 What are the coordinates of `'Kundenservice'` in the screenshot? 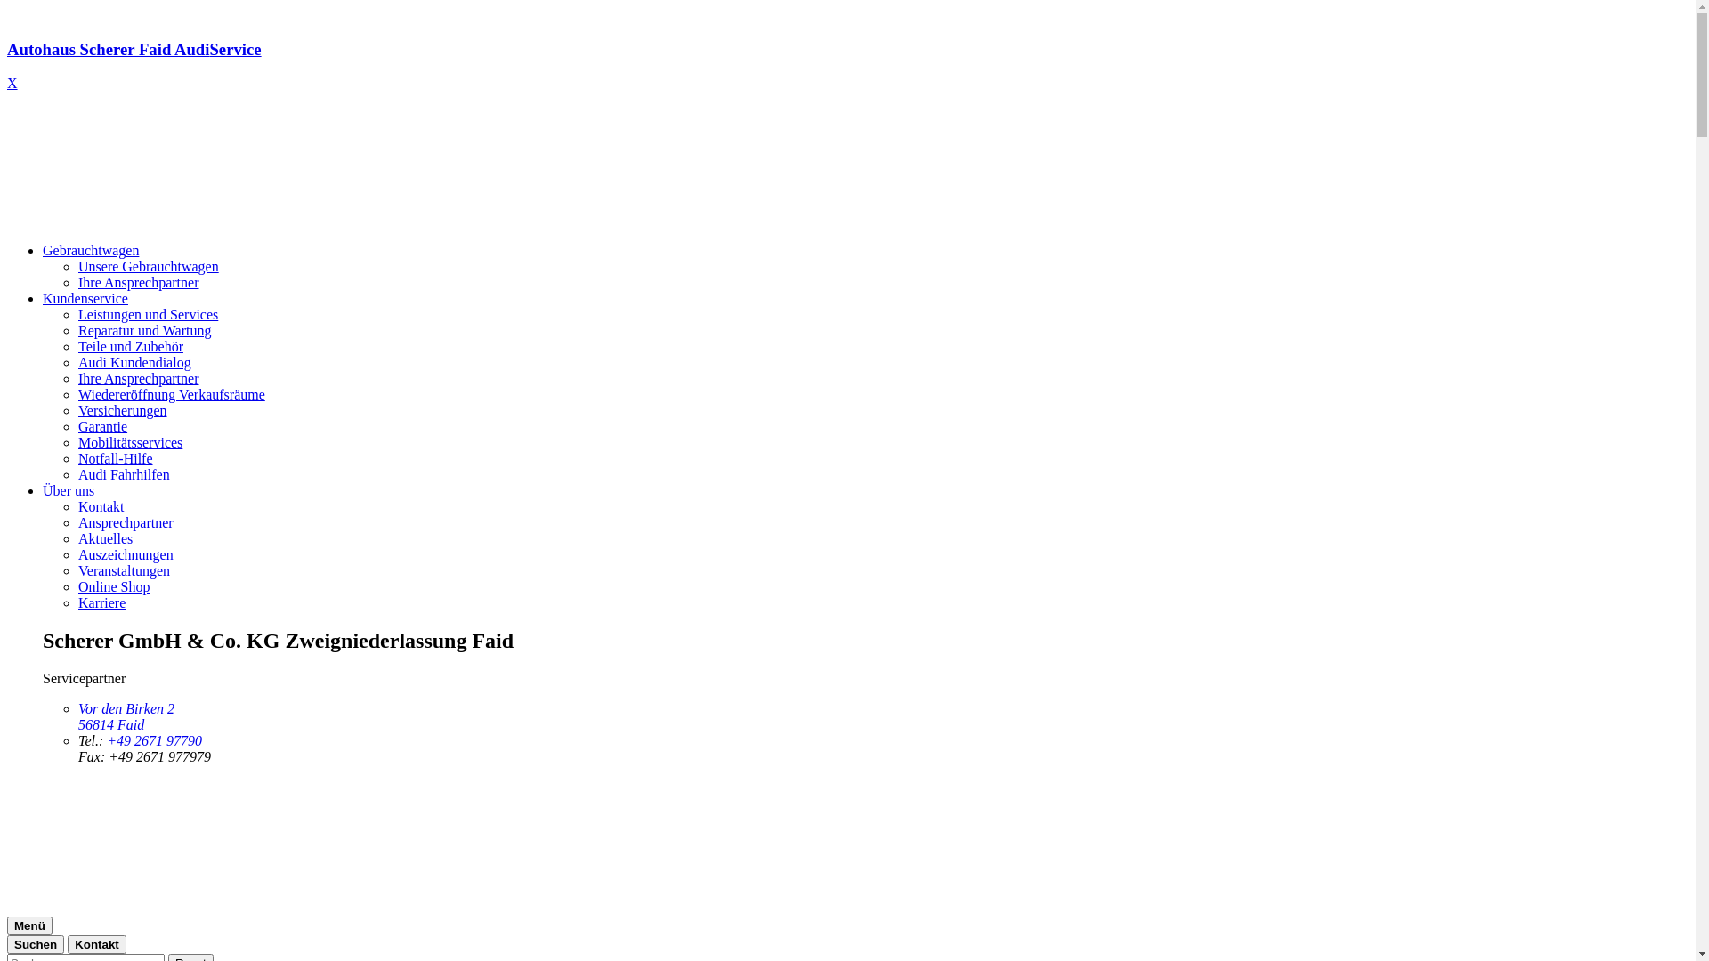 It's located at (85, 297).